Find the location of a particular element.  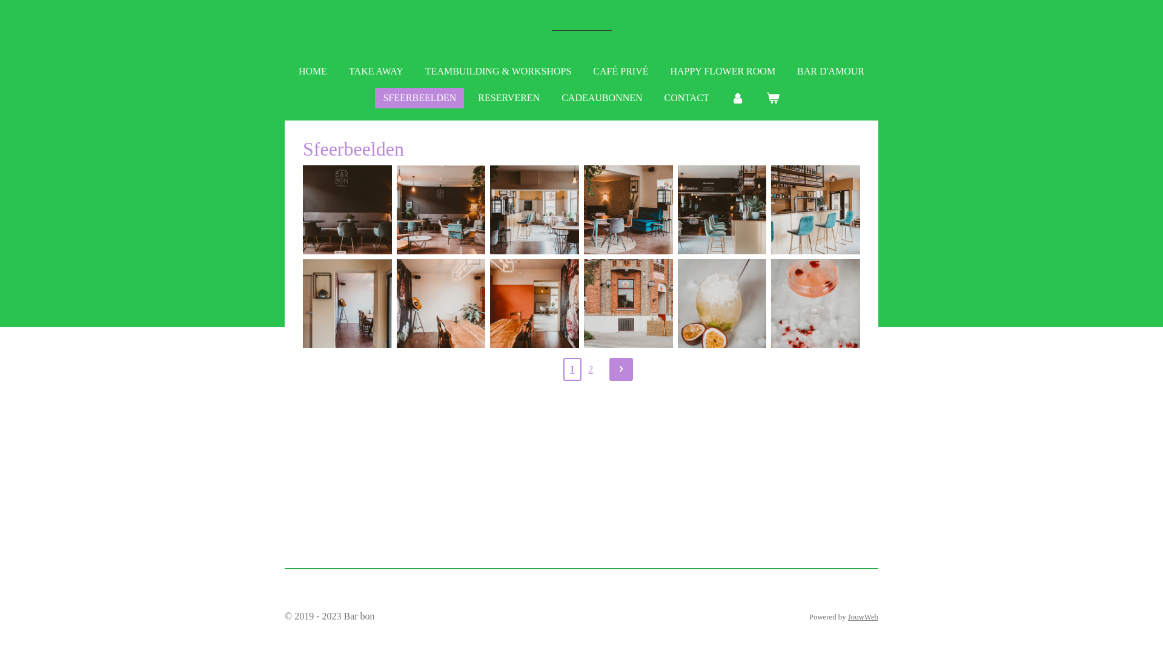

'2' is located at coordinates (590, 368).